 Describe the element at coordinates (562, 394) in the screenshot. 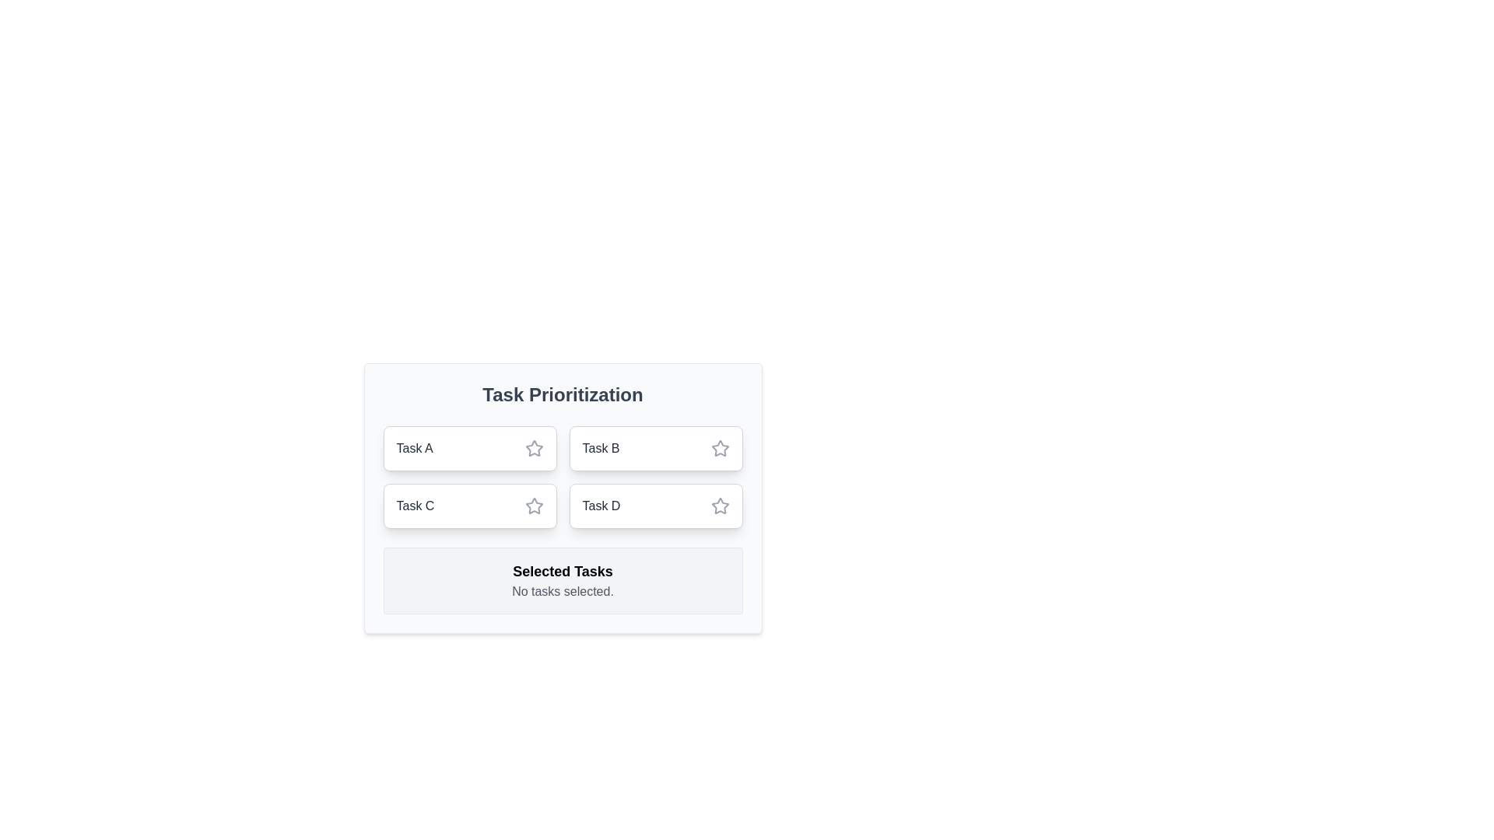

I see `the header text of the Task Prioritization component` at that location.